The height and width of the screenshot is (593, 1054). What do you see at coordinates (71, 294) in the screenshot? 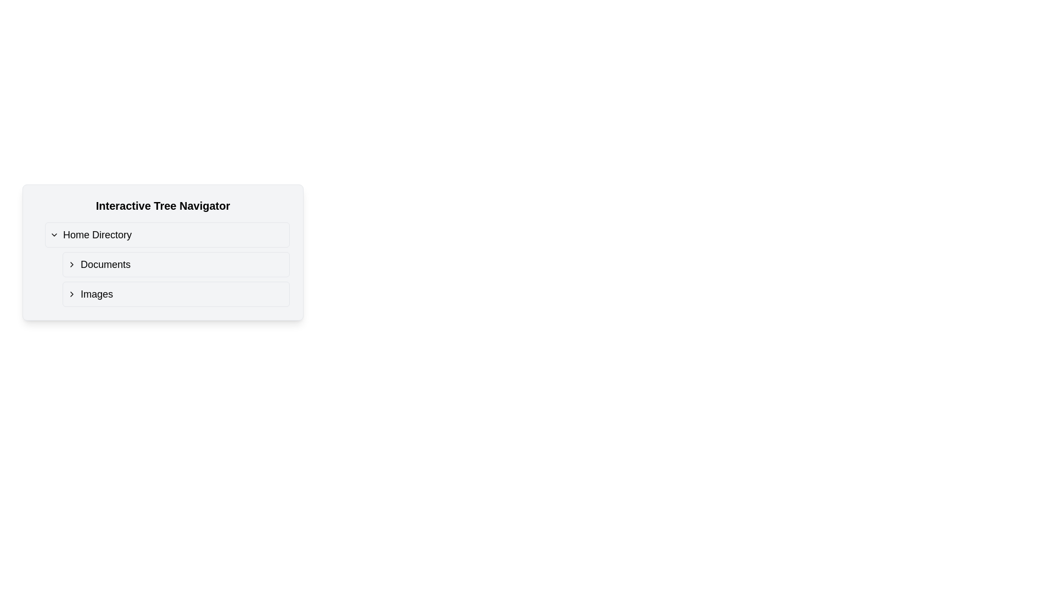
I see `on the chevron icon located at the far left of the 'Images' item` at bounding box center [71, 294].